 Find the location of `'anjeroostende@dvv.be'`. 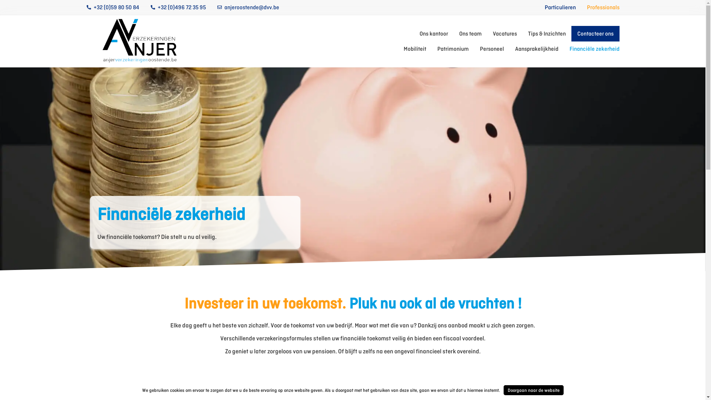

'anjeroostende@dvv.be' is located at coordinates (248, 7).